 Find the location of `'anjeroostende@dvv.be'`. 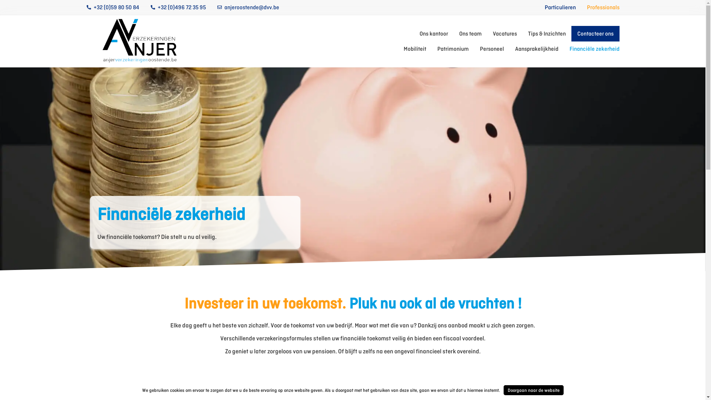

'anjeroostende@dvv.be' is located at coordinates (248, 7).